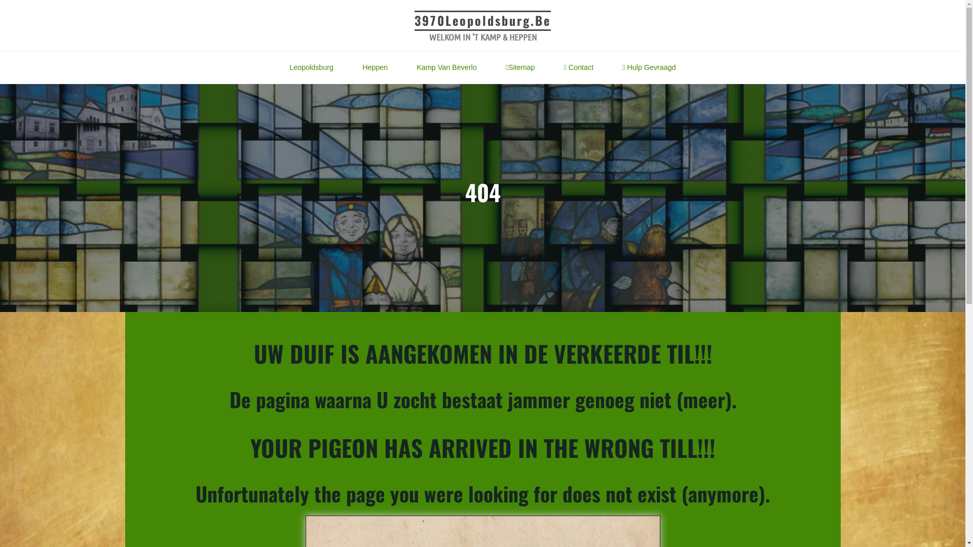 The width and height of the screenshot is (973, 547). Describe the element at coordinates (401, 67) in the screenshot. I see `'Kamp Van Beverlo'` at that location.